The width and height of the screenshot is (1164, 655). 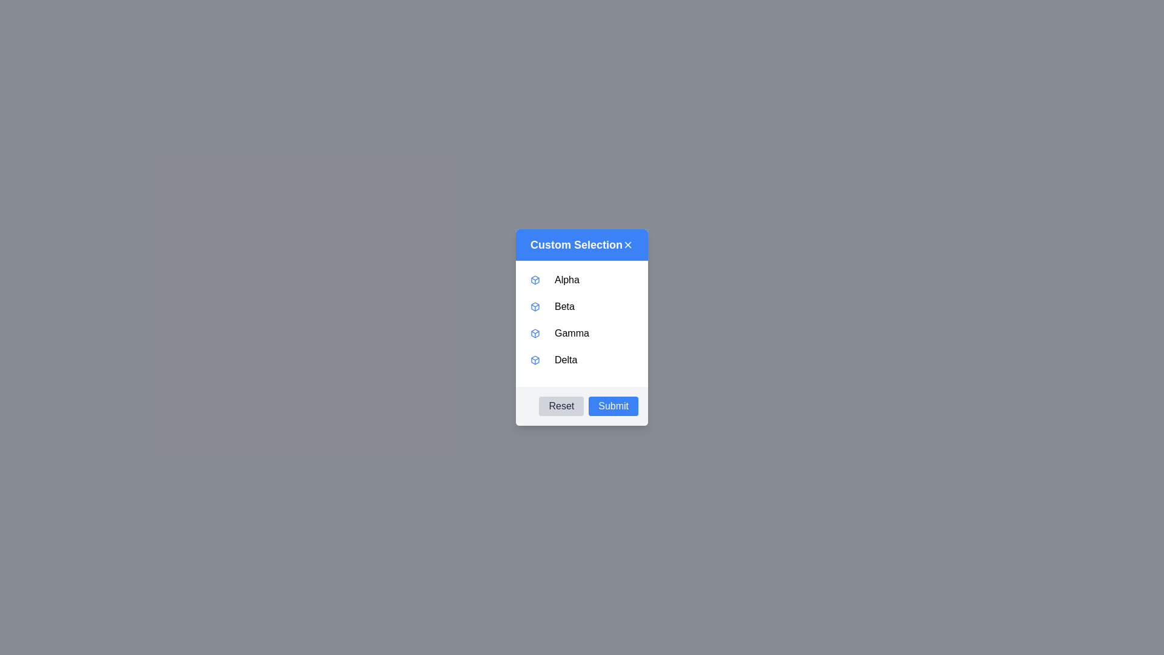 I want to click on the compact blue icon resembling a box located on the left side of the list item labeled 'Beta', so click(x=535, y=306).